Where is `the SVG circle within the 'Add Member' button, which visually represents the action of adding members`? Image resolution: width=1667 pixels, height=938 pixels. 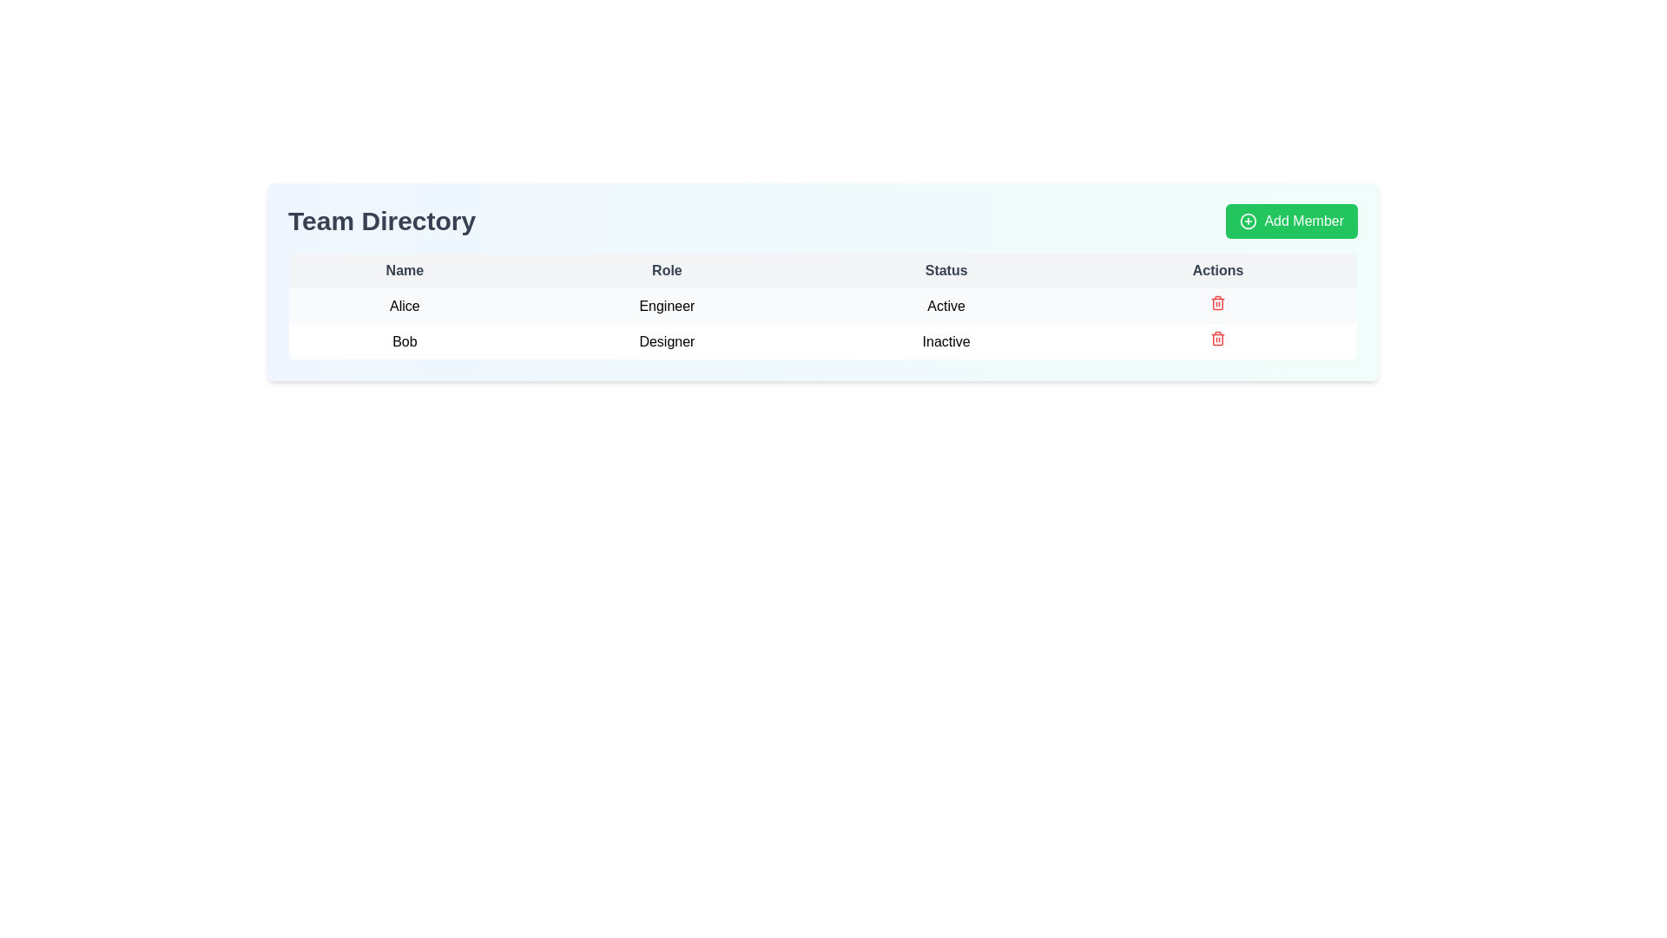
the SVG circle within the 'Add Member' button, which visually represents the action of adding members is located at coordinates (1248, 220).